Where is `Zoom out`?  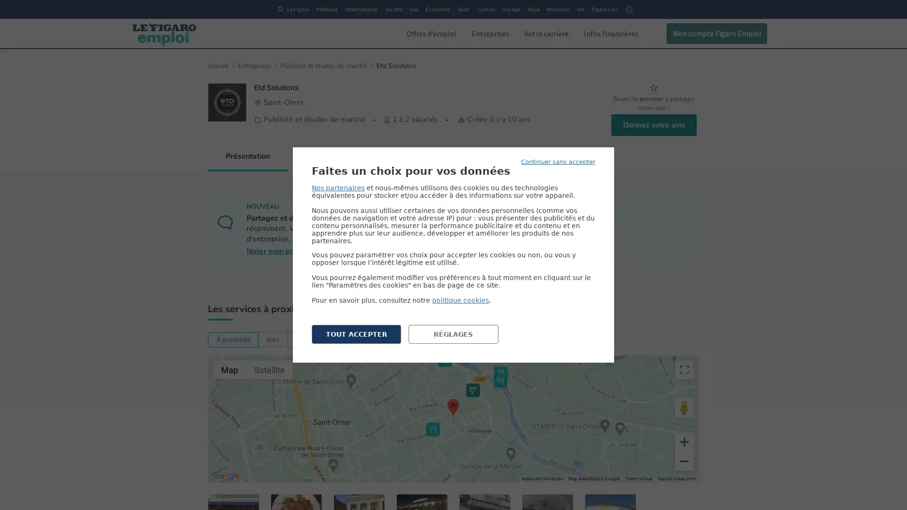
Zoom out is located at coordinates (685, 460).